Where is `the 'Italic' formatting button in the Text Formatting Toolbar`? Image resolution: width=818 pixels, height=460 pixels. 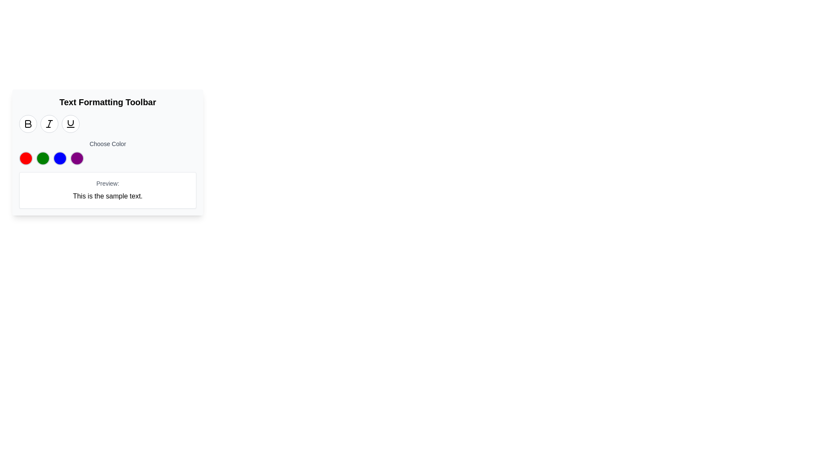 the 'Italic' formatting button in the Text Formatting Toolbar is located at coordinates (49, 124).